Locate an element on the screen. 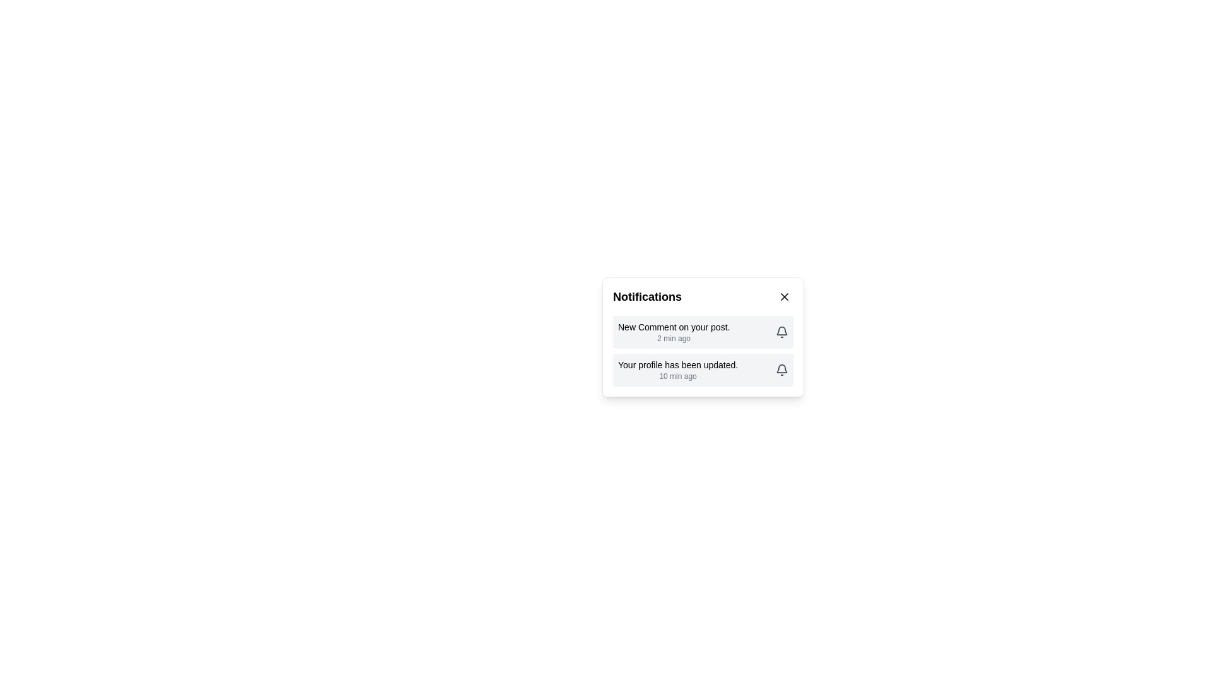  the 'Notifications' header bar in the notifications pop-up, which includes a close button ('X') is located at coordinates (702, 296).